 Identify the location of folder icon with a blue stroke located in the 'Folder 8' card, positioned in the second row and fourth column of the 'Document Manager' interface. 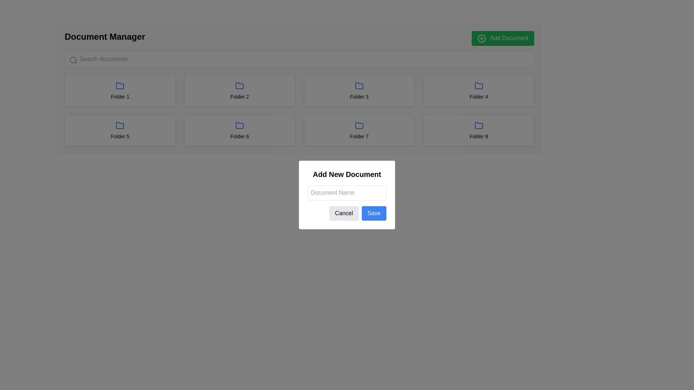
(479, 125).